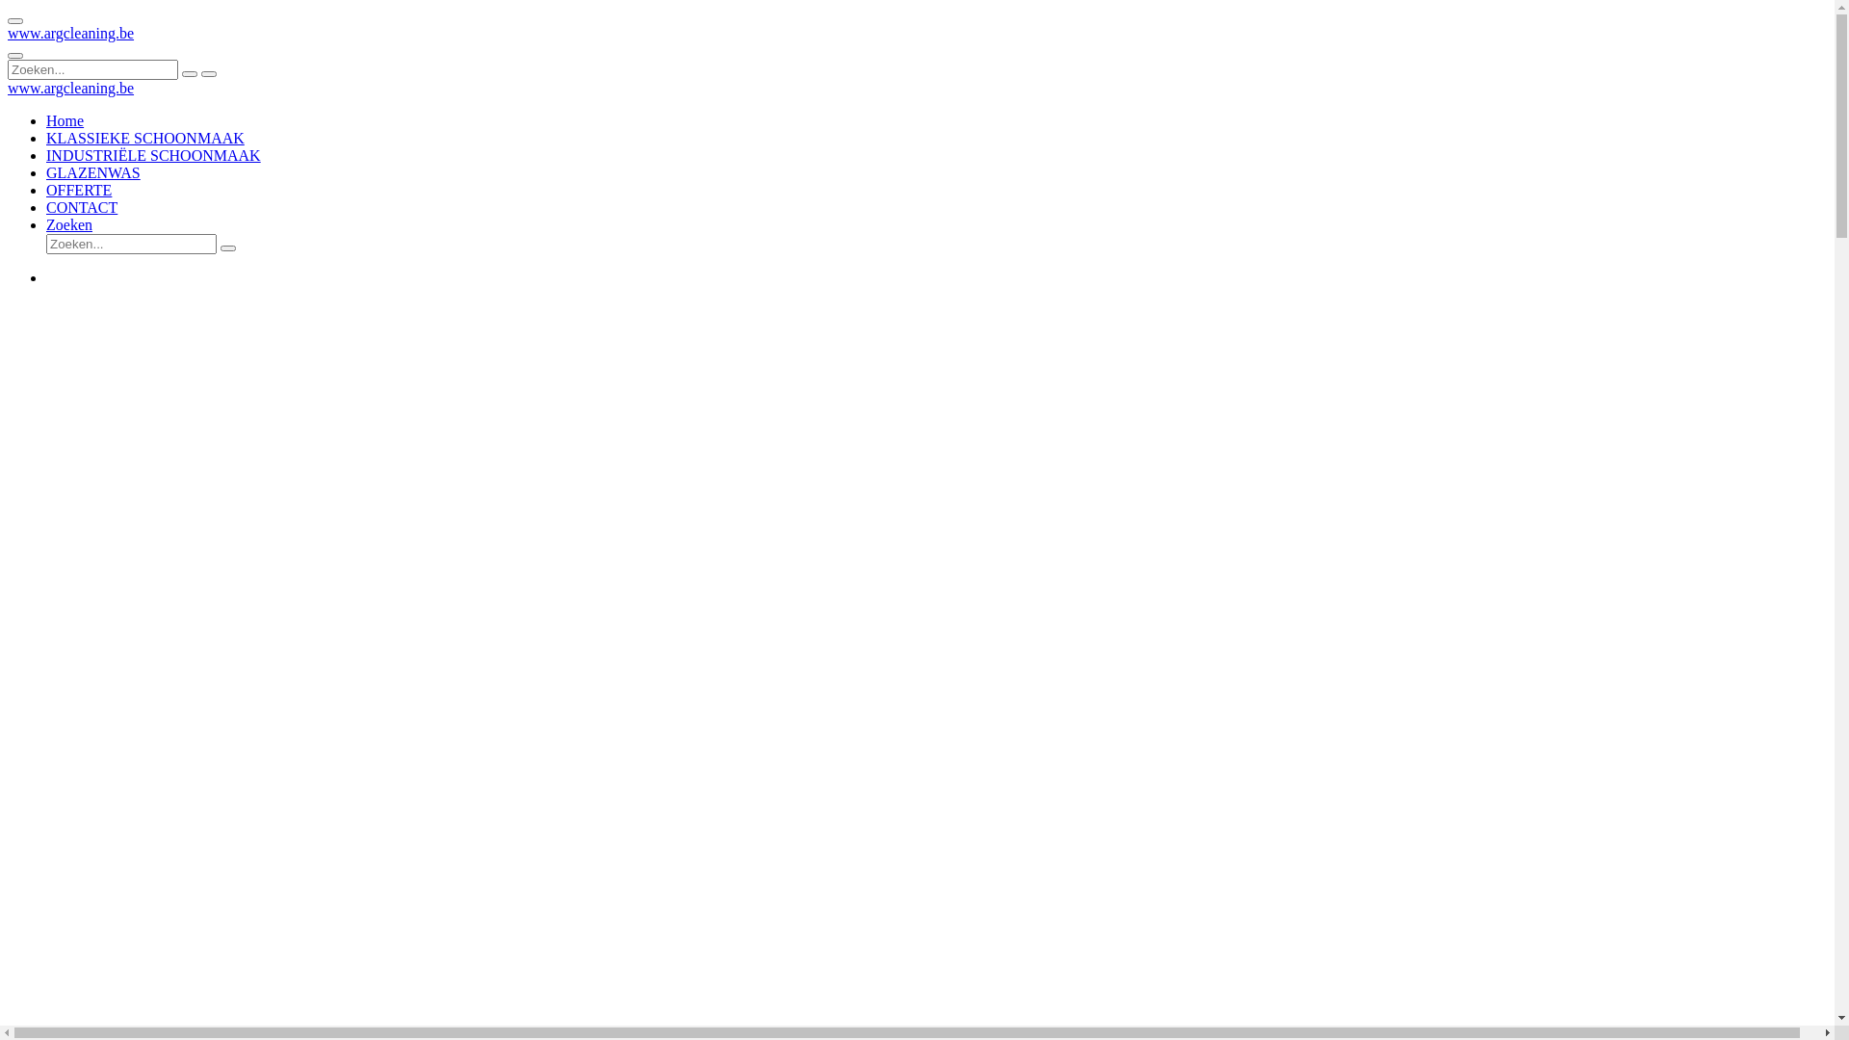 The height and width of the screenshot is (1040, 1849). Describe the element at coordinates (91, 171) in the screenshot. I see `'GLAZENWAS'` at that location.